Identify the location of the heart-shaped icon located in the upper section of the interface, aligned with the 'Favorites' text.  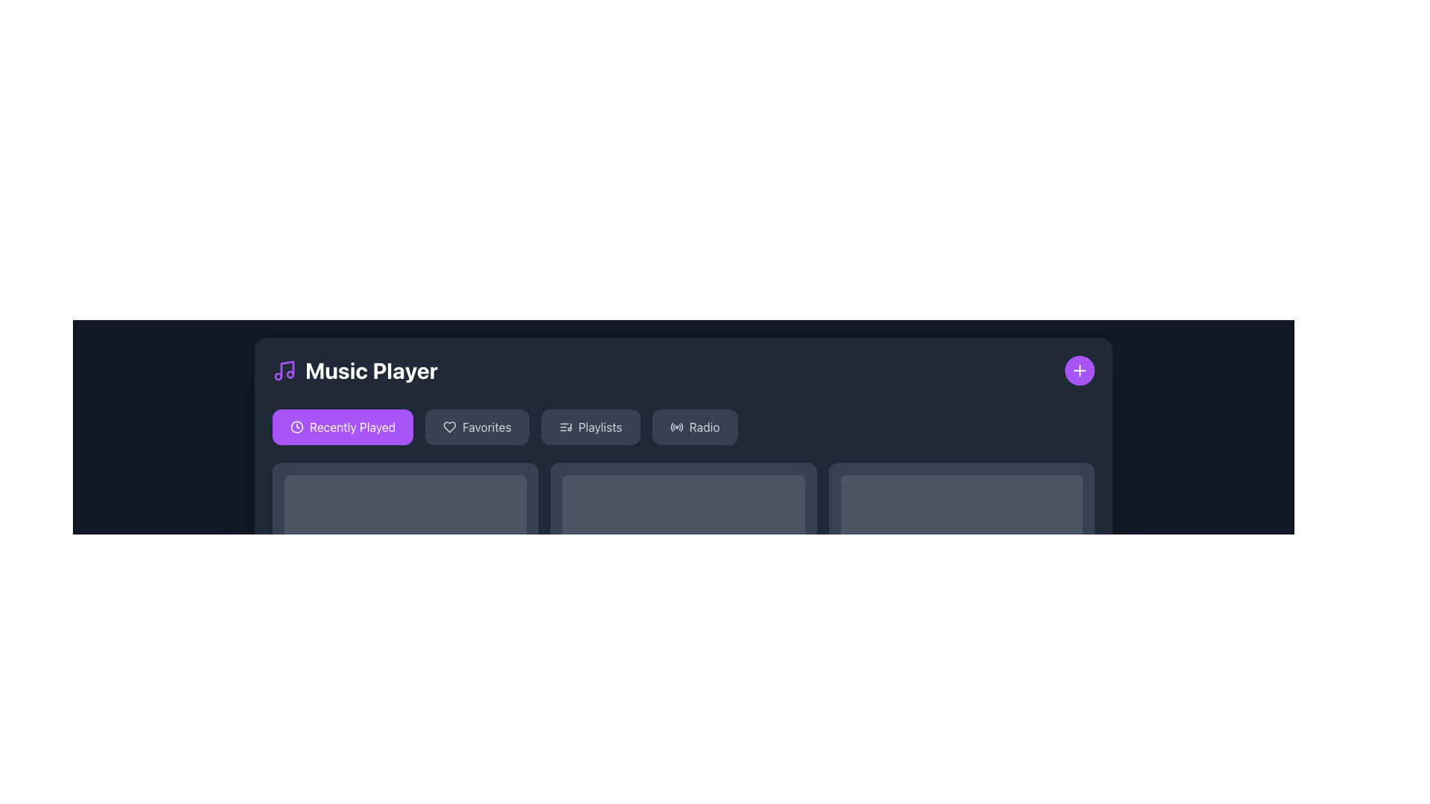
(449, 427).